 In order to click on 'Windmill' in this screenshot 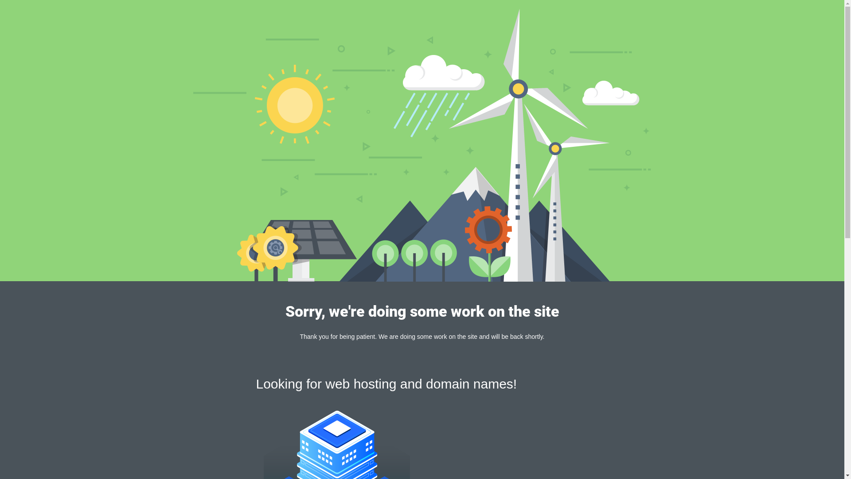, I will do `click(422, 145)`.